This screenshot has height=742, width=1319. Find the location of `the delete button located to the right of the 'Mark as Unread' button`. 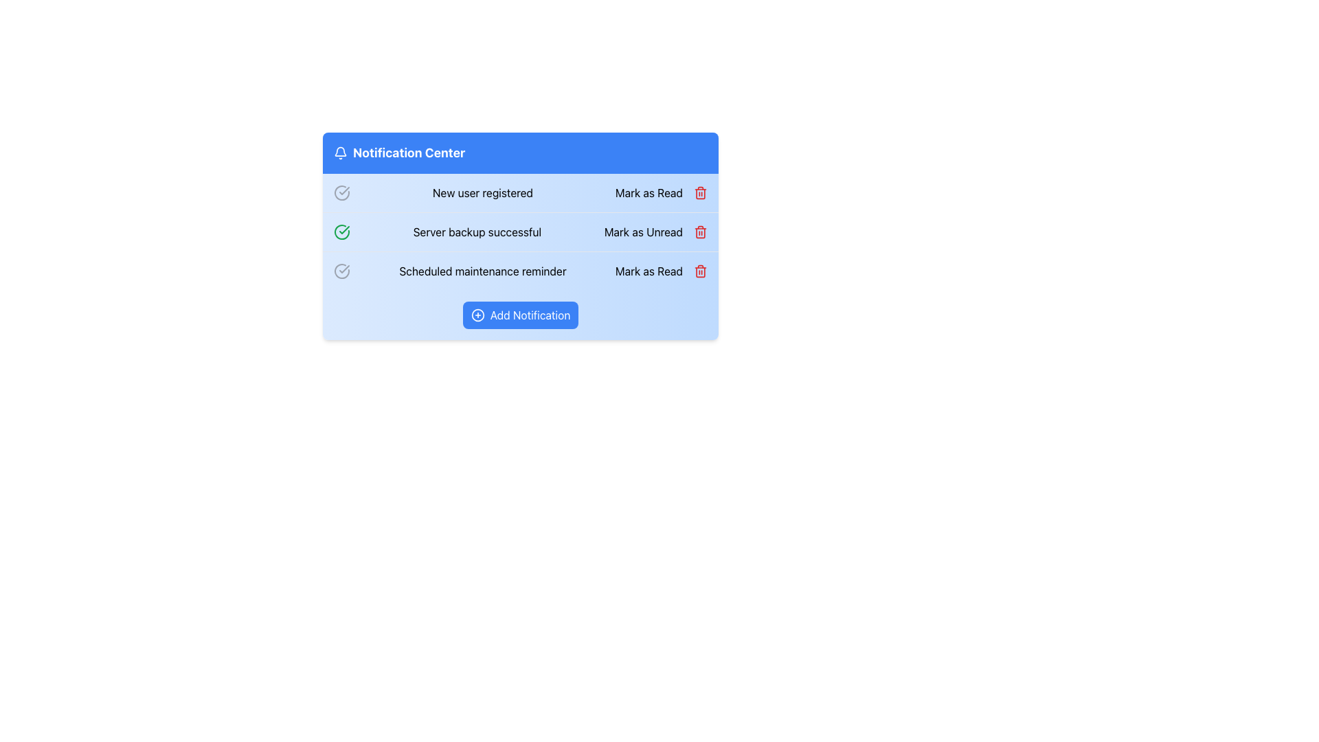

the delete button located to the right of the 'Mark as Unread' button is located at coordinates (700, 232).